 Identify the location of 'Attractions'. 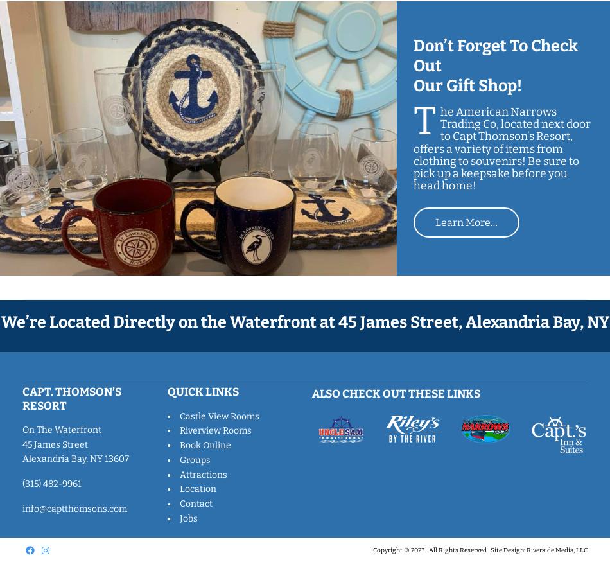
(202, 474).